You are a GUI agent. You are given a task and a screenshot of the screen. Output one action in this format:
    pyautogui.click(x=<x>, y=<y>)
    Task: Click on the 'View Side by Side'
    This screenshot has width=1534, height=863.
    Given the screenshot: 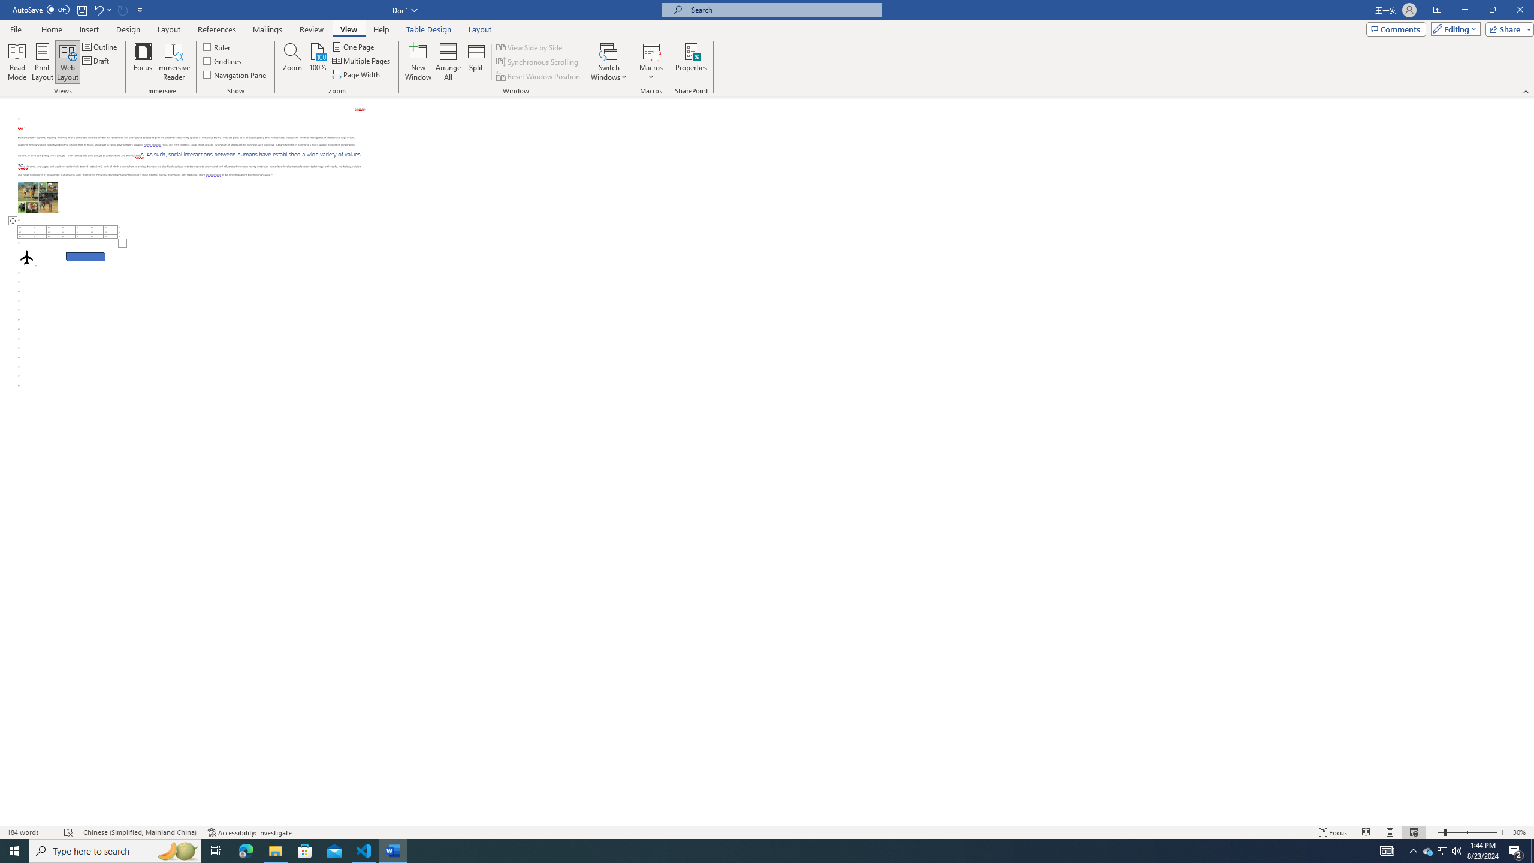 What is the action you would take?
    pyautogui.click(x=530, y=47)
    